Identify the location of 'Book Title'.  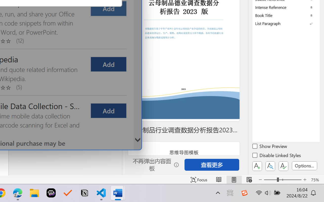
(286, 15).